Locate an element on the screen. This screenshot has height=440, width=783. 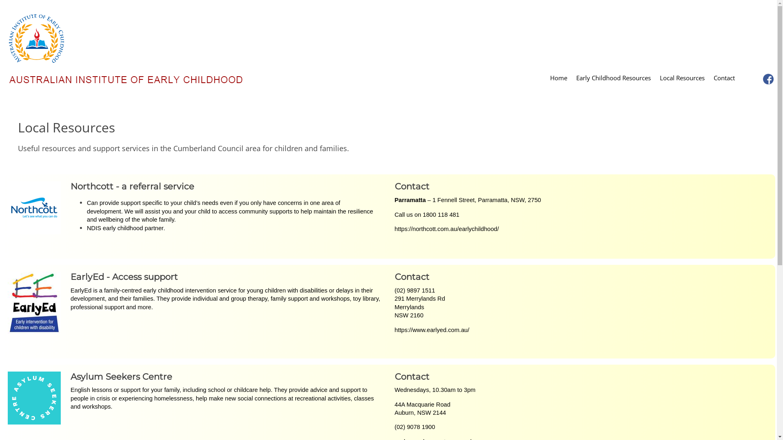
'NDIS early childhood partner' is located at coordinates (125, 228).